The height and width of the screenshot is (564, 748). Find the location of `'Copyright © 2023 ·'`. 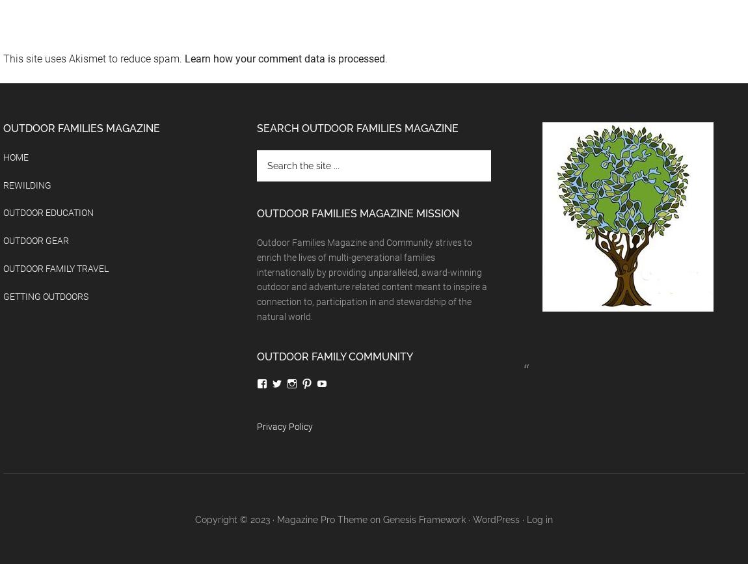

'Copyright © 2023 ·' is located at coordinates (236, 519).